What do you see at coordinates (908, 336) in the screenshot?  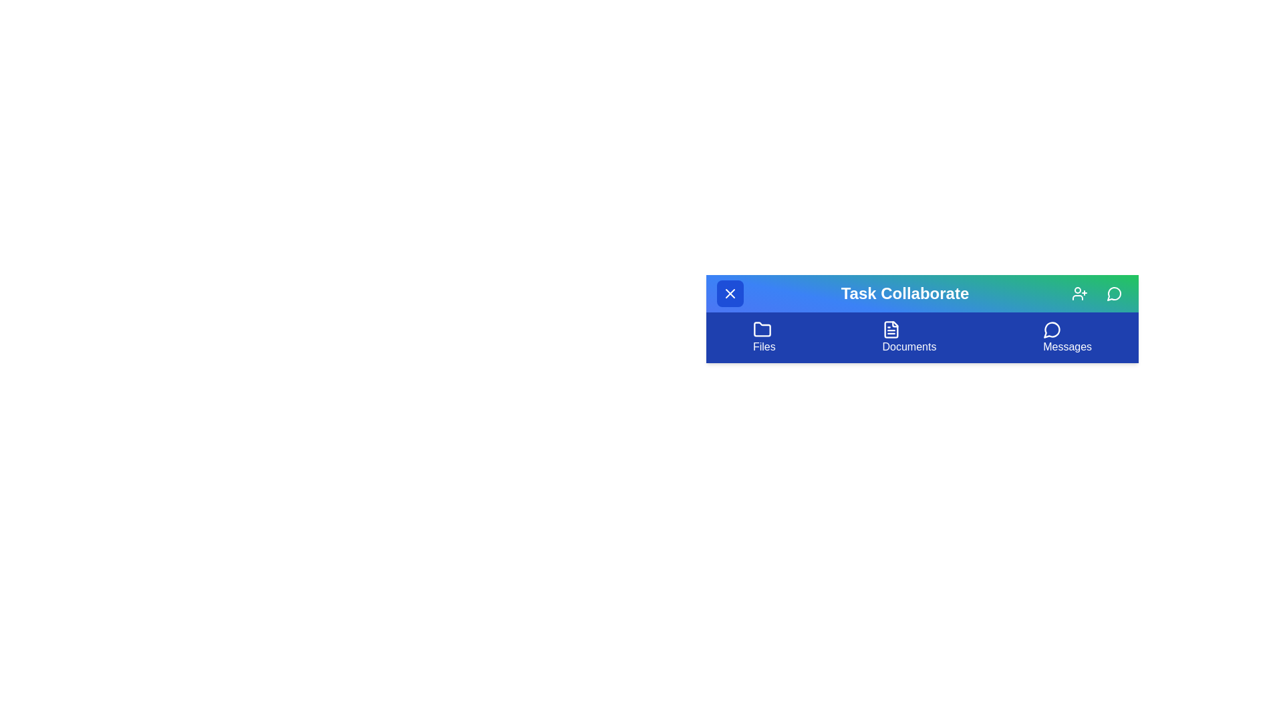 I see `the 'Documents' menu item to select it` at bounding box center [908, 336].